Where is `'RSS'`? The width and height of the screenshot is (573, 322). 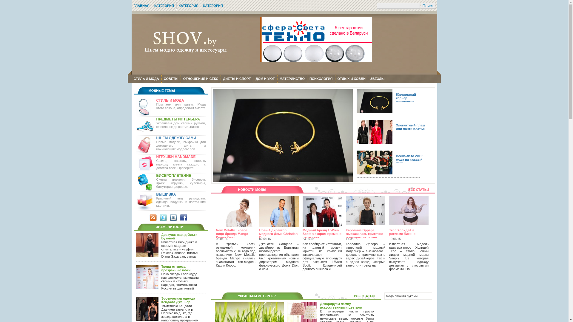 'RSS' is located at coordinates (153, 217).